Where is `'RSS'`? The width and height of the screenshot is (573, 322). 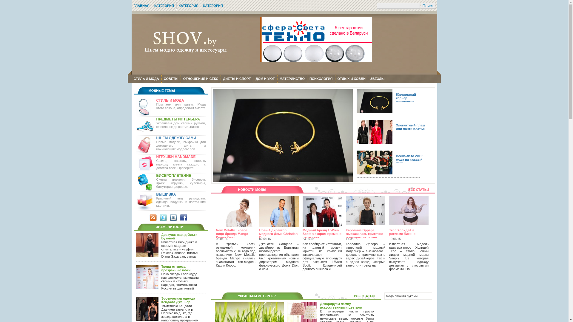 'RSS' is located at coordinates (153, 217).